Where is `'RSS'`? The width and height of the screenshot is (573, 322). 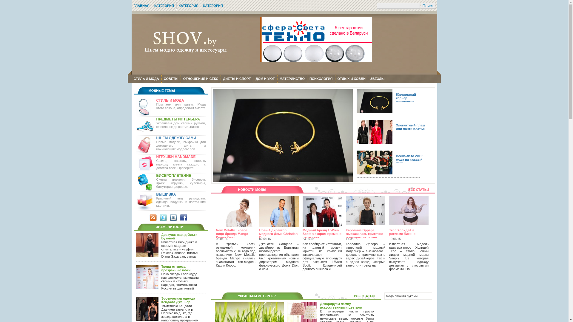 'RSS' is located at coordinates (153, 217).